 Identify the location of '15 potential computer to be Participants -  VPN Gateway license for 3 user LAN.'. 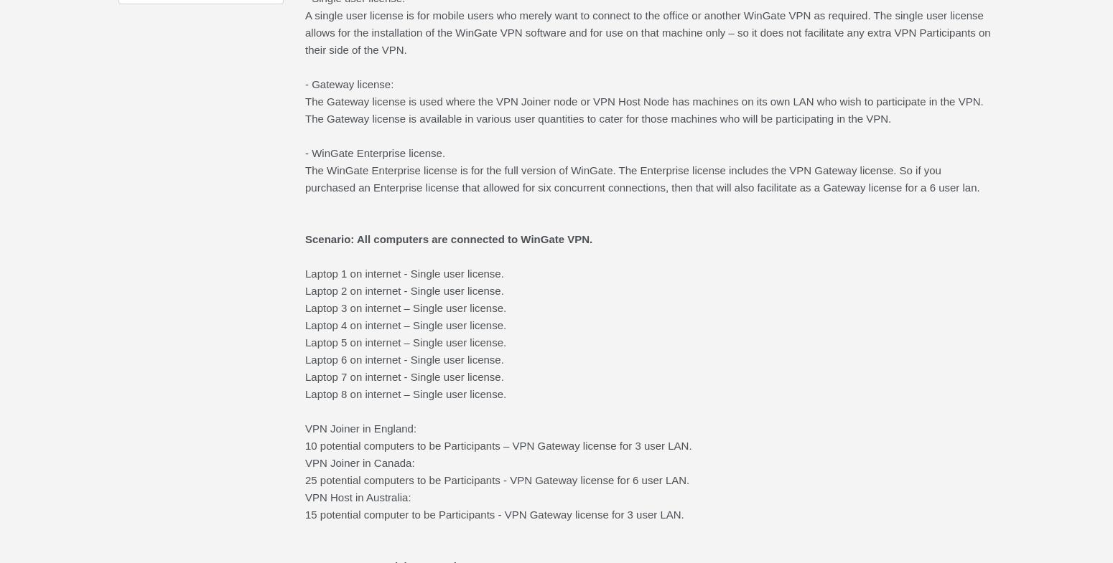
(493, 514).